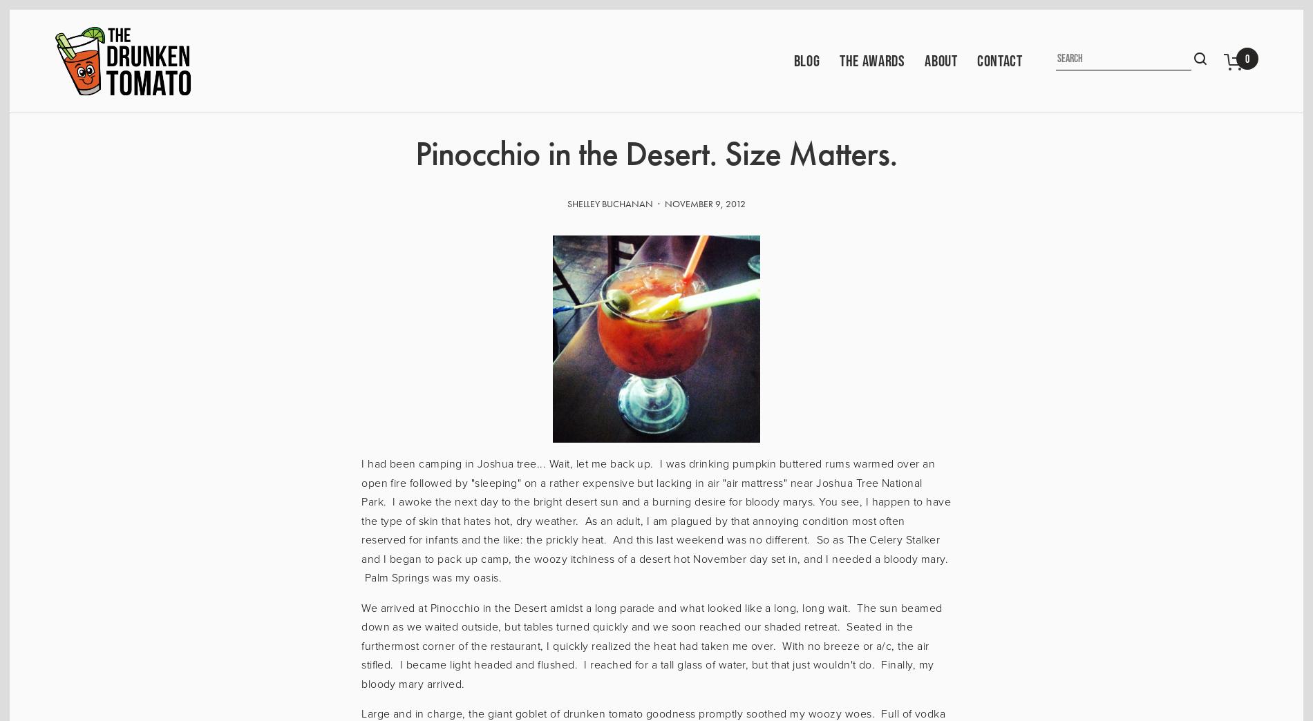 This screenshot has height=721, width=1313. Describe the element at coordinates (1246, 58) in the screenshot. I see `'0'` at that location.